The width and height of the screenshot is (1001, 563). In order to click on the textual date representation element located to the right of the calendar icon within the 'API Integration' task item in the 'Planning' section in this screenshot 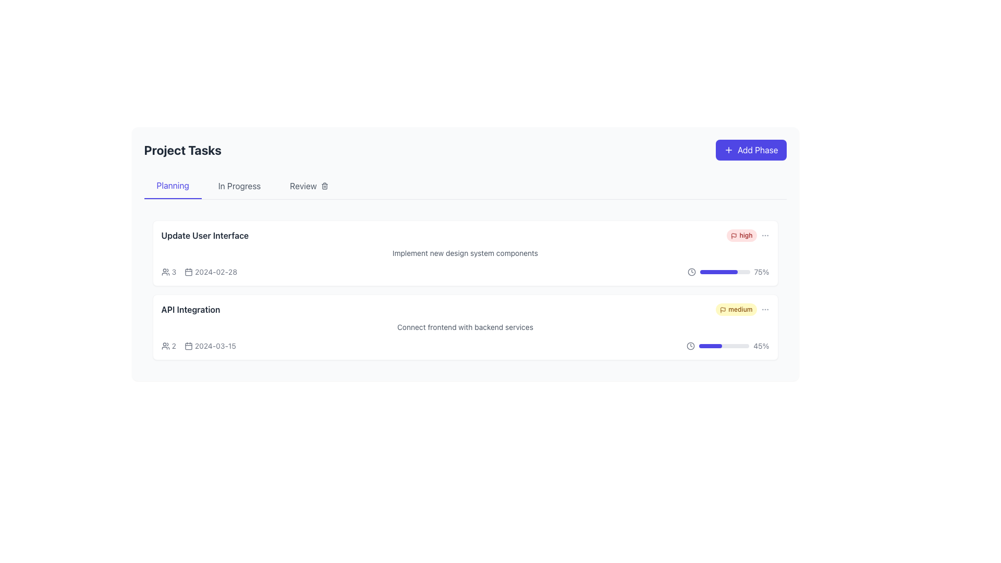, I will do `click(199, 346)`.